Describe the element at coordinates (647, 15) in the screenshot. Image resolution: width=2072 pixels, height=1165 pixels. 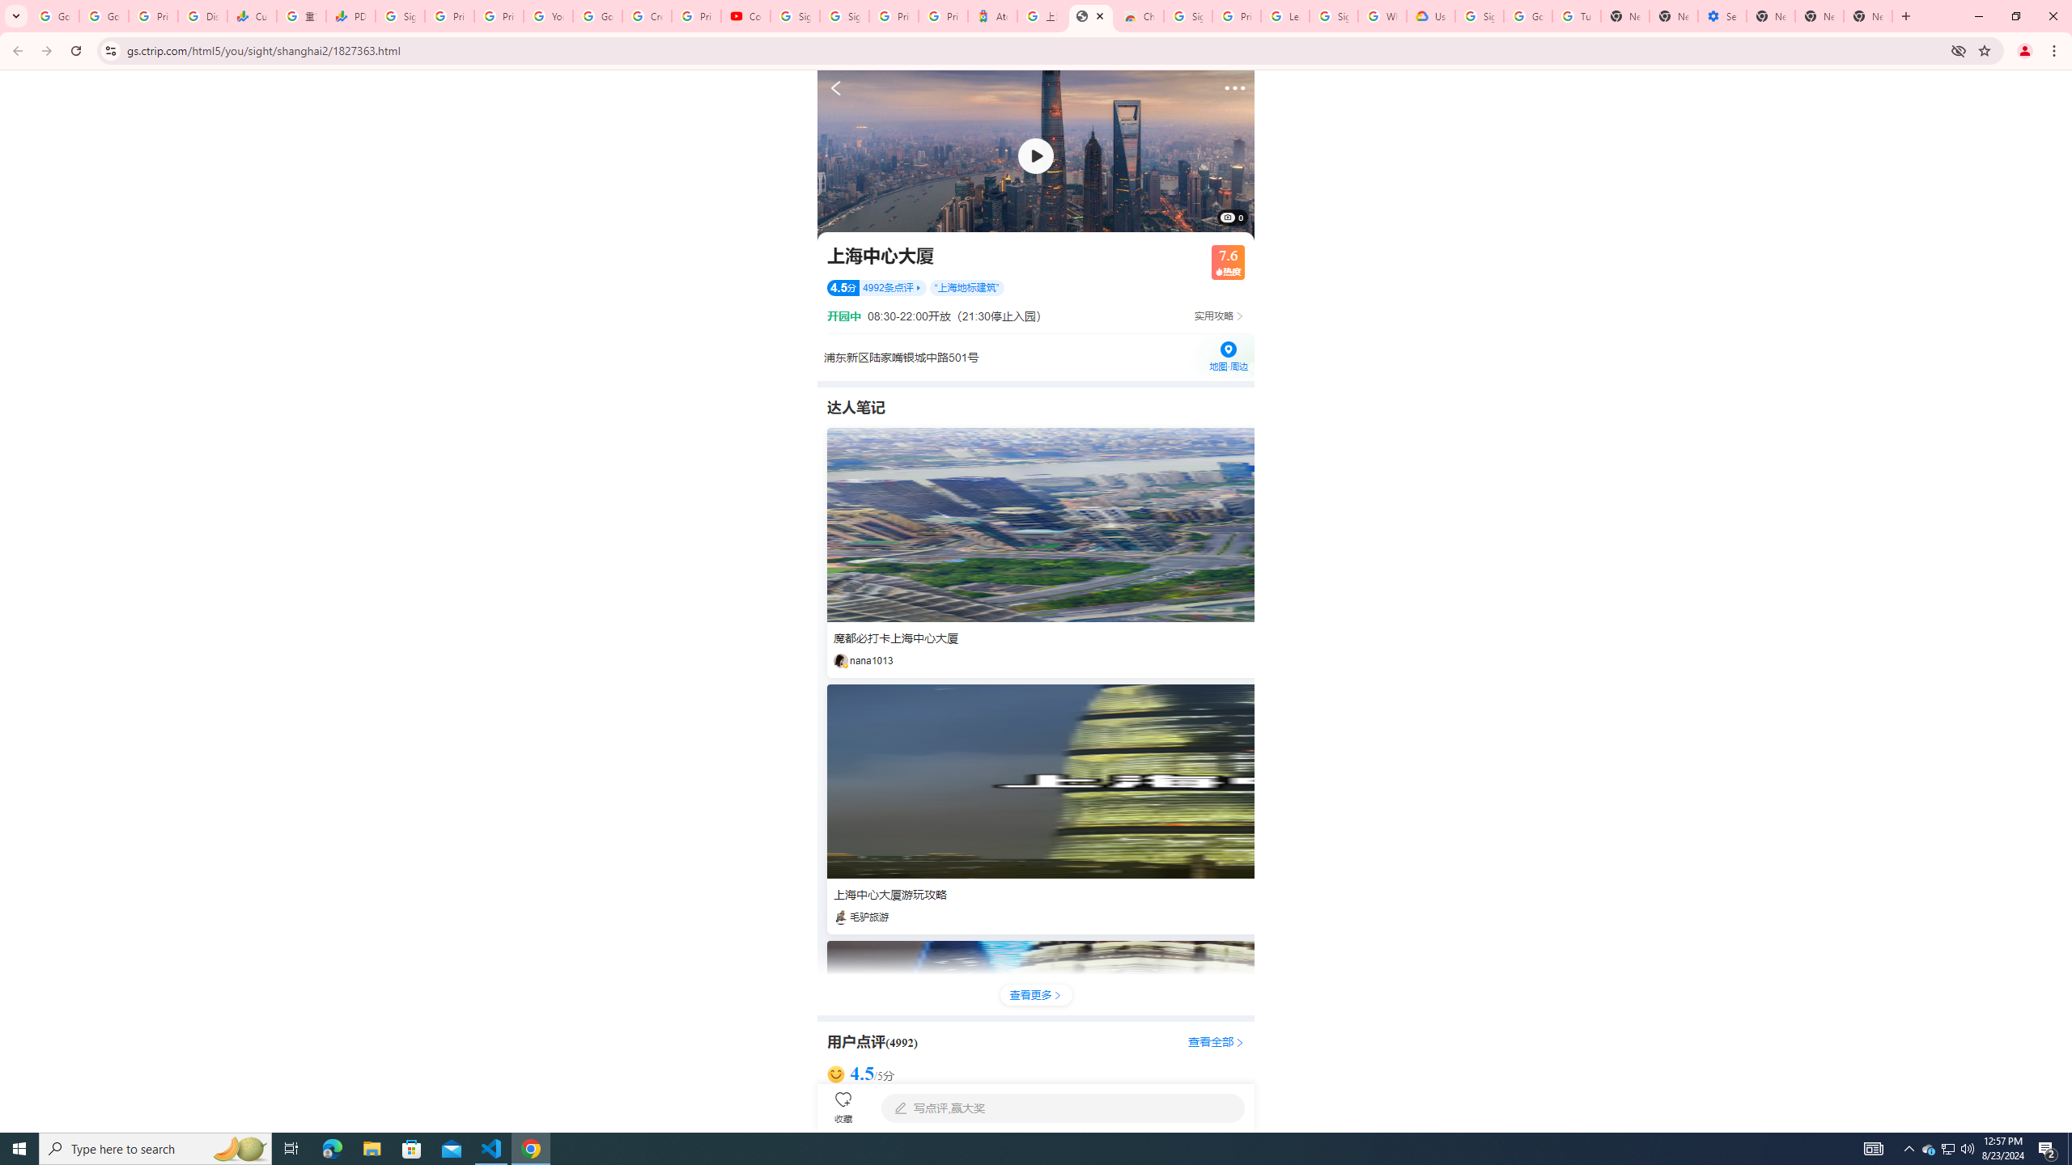
I see `'Create your Google Account'` at that location.